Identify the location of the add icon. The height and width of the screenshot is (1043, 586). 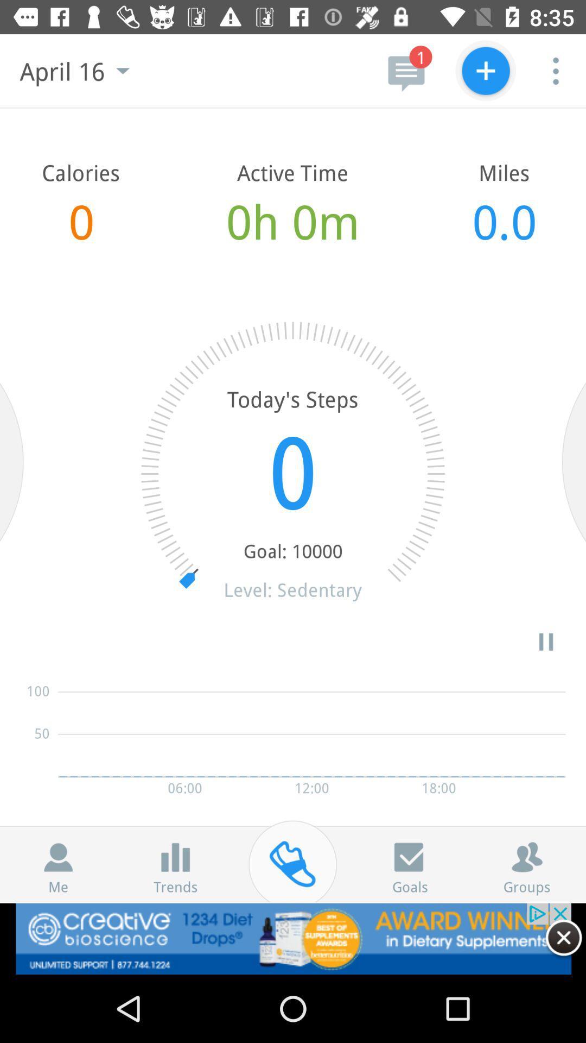
(485, 70).